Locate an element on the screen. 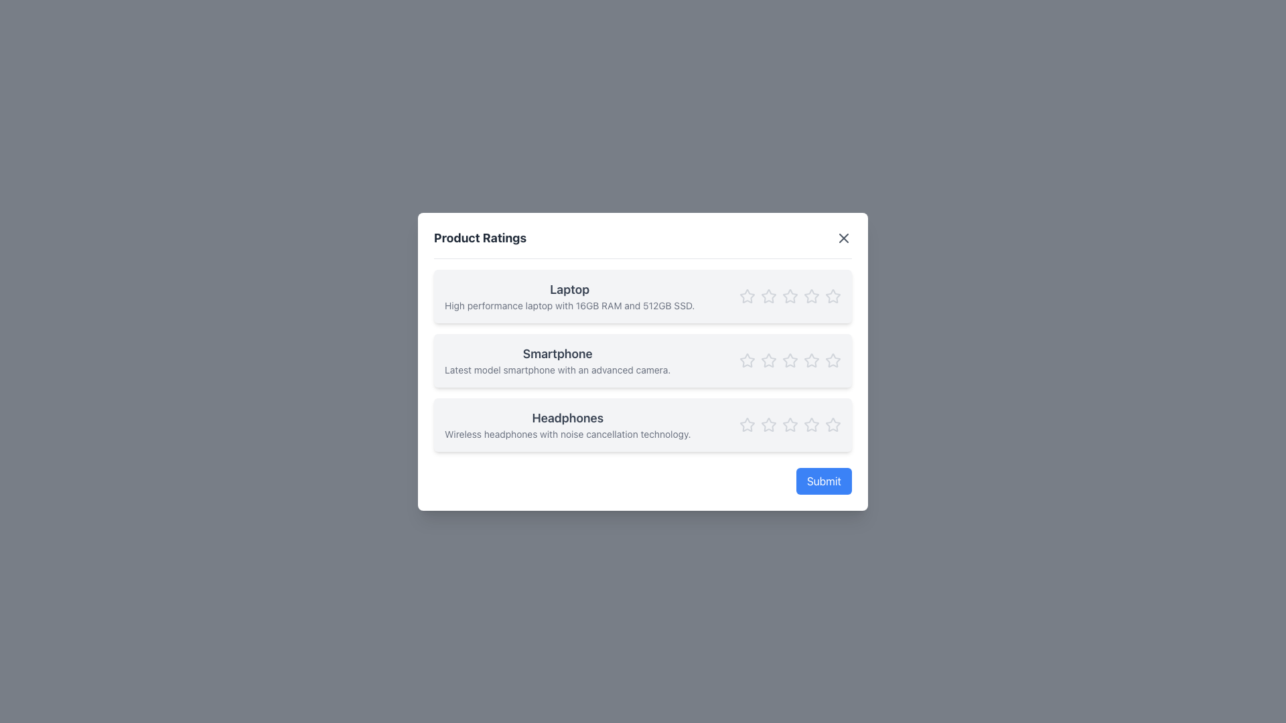 The height and width of the screenshot is (723, 1286). the fifth star-shaped icon in the 'Headphones' section of the rating interface to rate it is located at coordinates (832, 424).